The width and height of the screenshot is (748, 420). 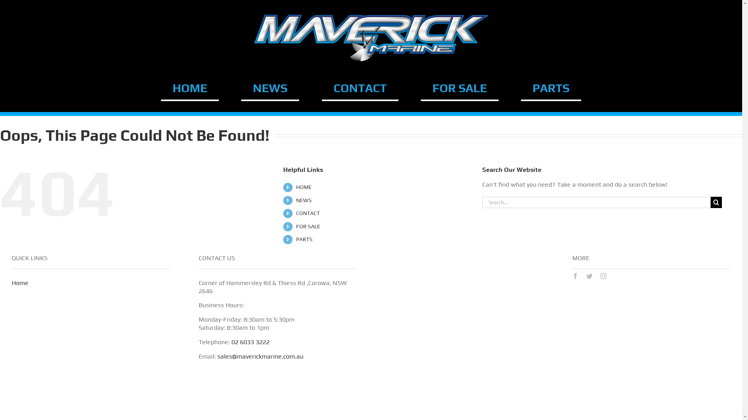 I want to click on 'FOR SALE', so click(x=460, y=88).